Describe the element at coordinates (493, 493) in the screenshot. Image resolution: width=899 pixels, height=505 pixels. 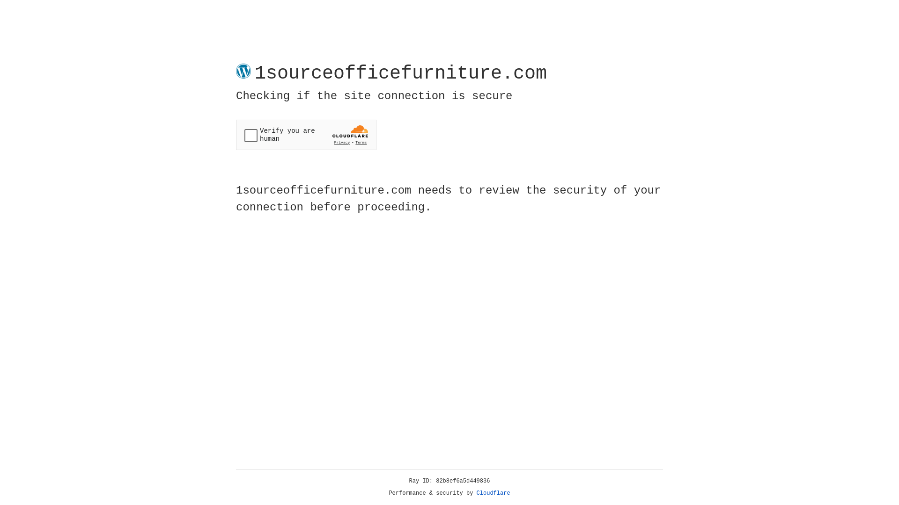
I see `'Cloudflare'` at that location.